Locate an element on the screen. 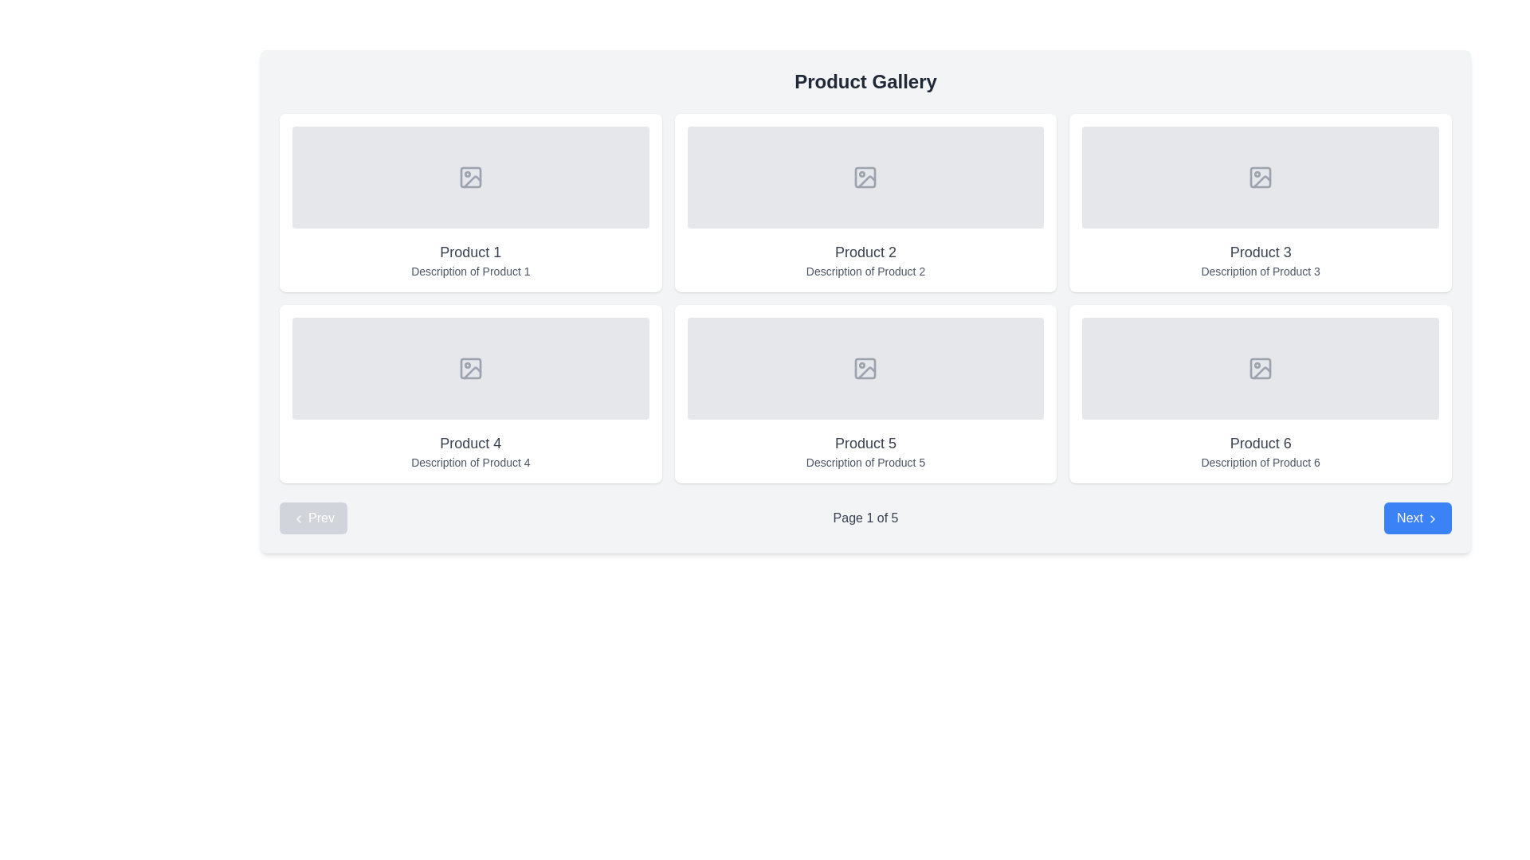 The width and height of the screenshot is (1530, 860). the Text Label that provides the name or title of the product, located below the header 'Product Gallery' and above the description 'Description of Product 2' in the second item card of the grid layout is located at coordinates (865, 251).